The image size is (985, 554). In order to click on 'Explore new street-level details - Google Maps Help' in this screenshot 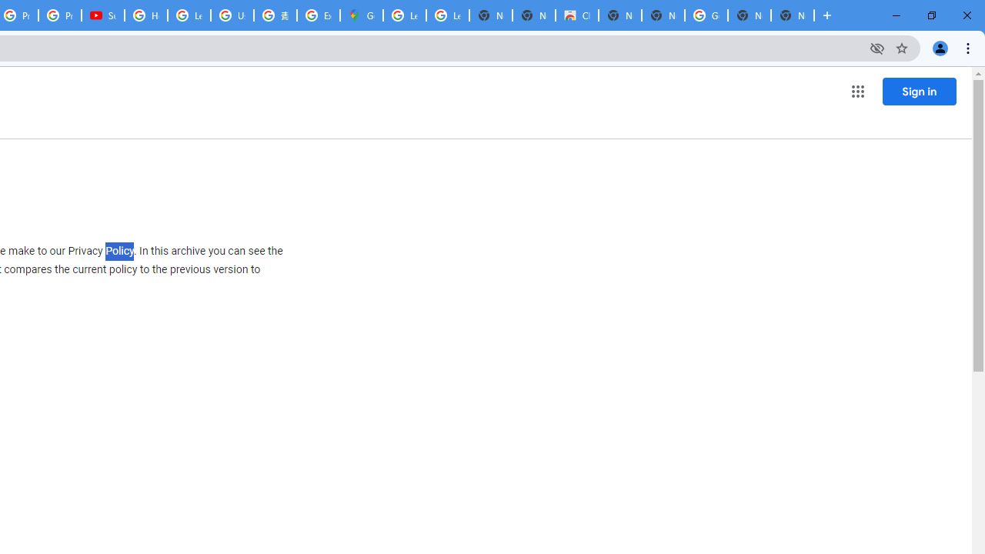, I will do `click(318, 15)`.